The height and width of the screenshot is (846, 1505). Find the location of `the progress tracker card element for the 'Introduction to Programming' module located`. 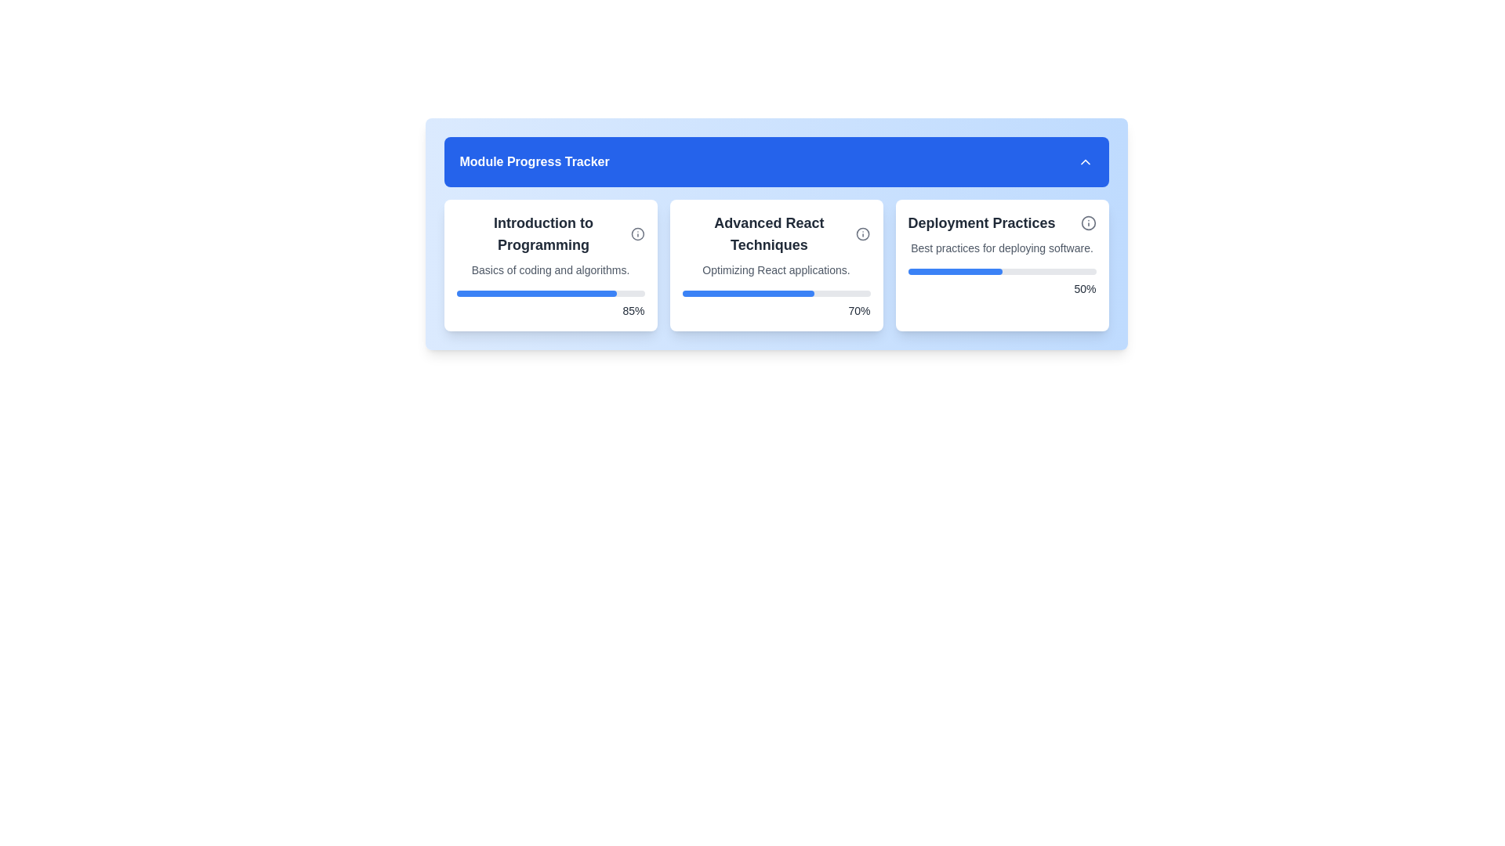

the progress tracker card element for the 'Introduction to Programming' module located is located at coordinates (550, 265).